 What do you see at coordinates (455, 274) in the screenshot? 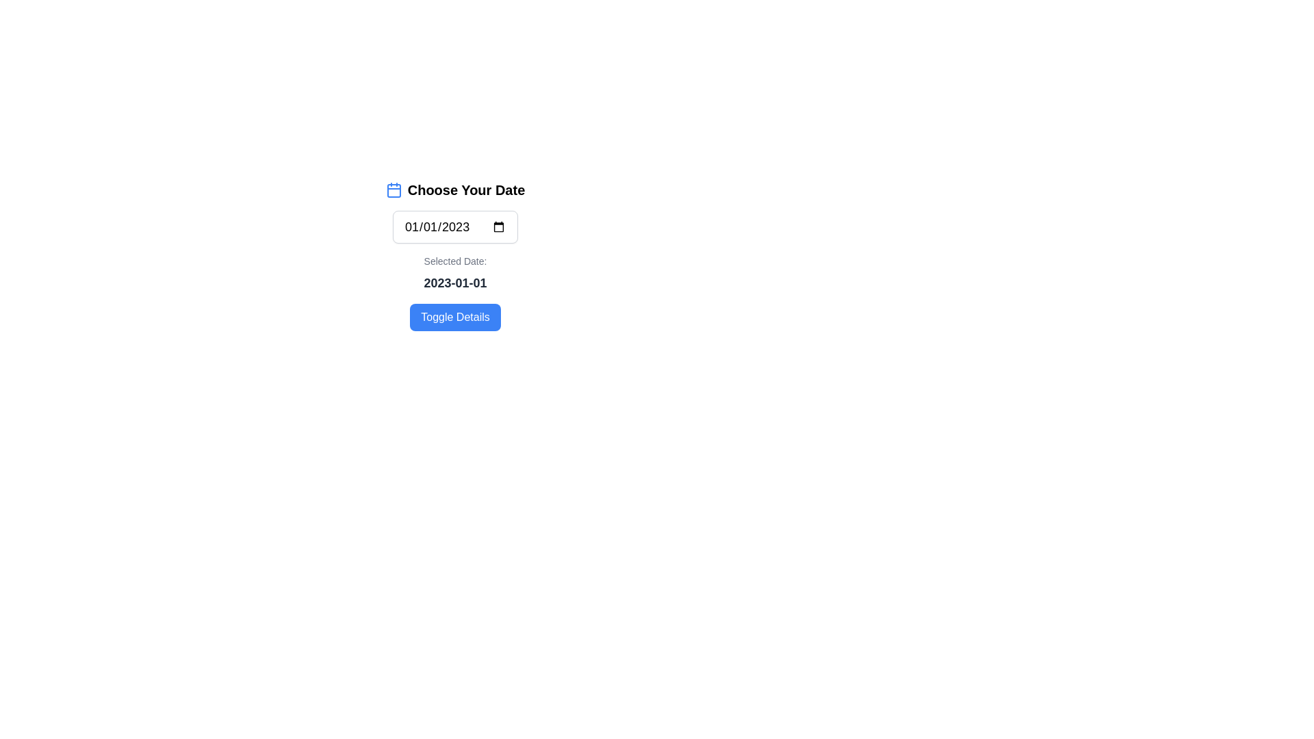
I see `the text label displaying 'Selected Date:2023-01-01', which shows the title 'Selected Date:' in smaller gray font and the date in bold black font, located below the date input field and above the 'Toggle Details' button` at bounding box center [455, 274].